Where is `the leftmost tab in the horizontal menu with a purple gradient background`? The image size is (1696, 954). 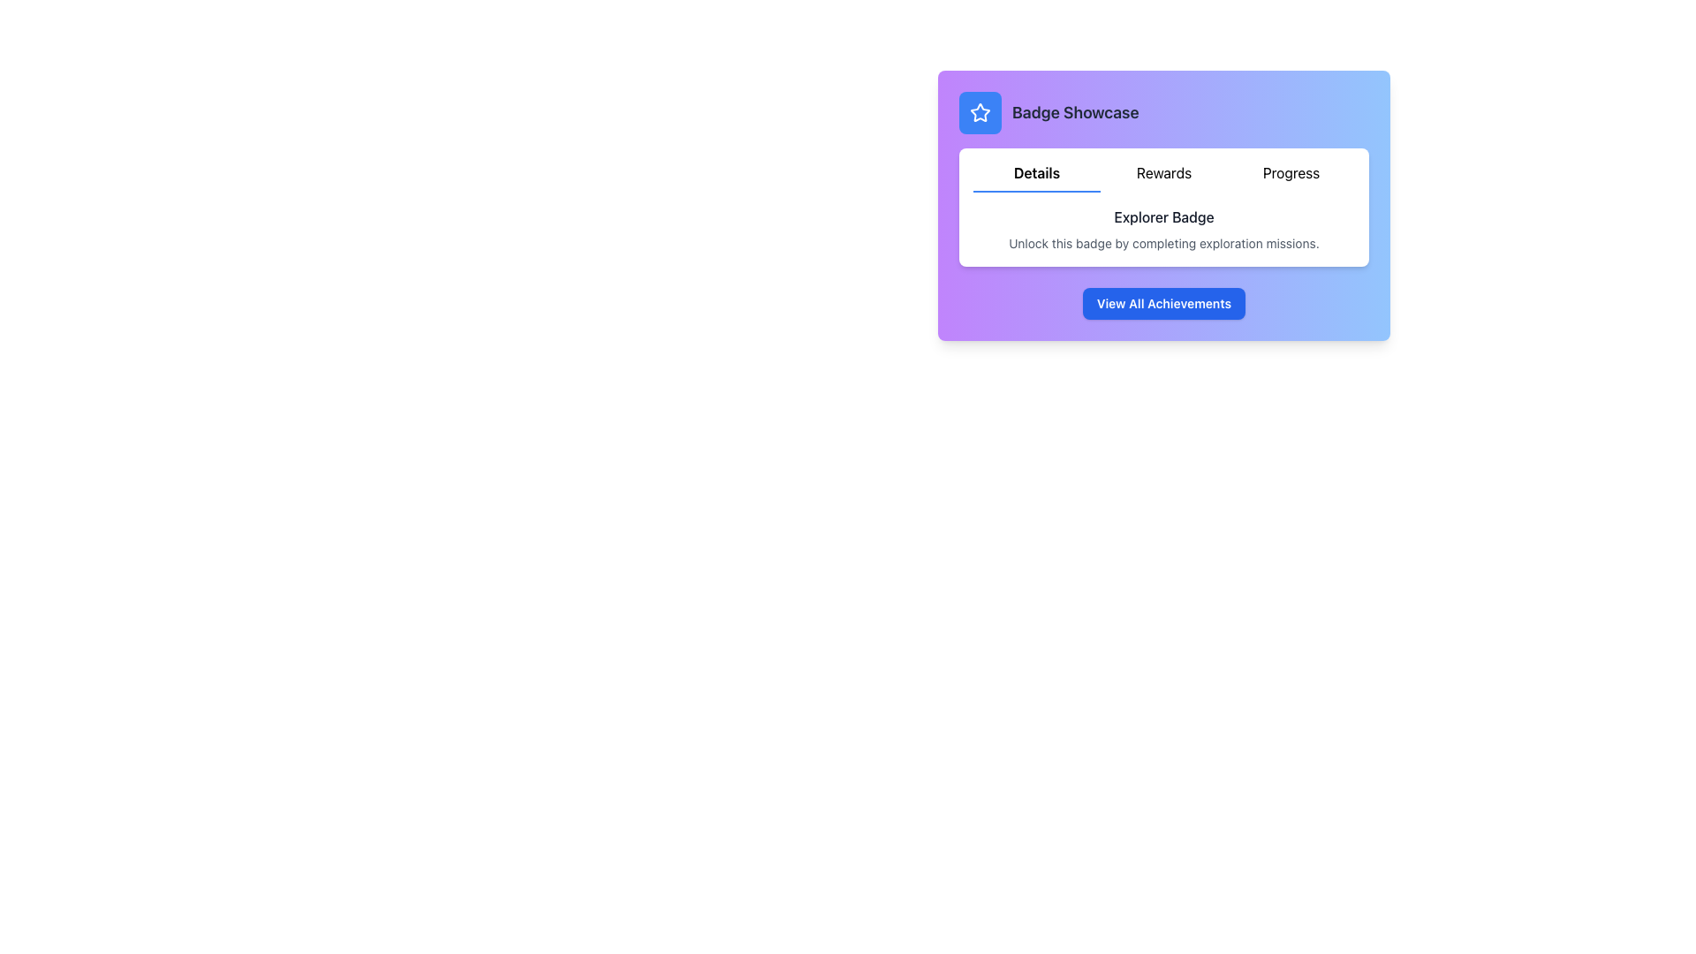 the leftmost tab in the horizontal menu with a purple gradient background is located at coordinates (1037, 177).